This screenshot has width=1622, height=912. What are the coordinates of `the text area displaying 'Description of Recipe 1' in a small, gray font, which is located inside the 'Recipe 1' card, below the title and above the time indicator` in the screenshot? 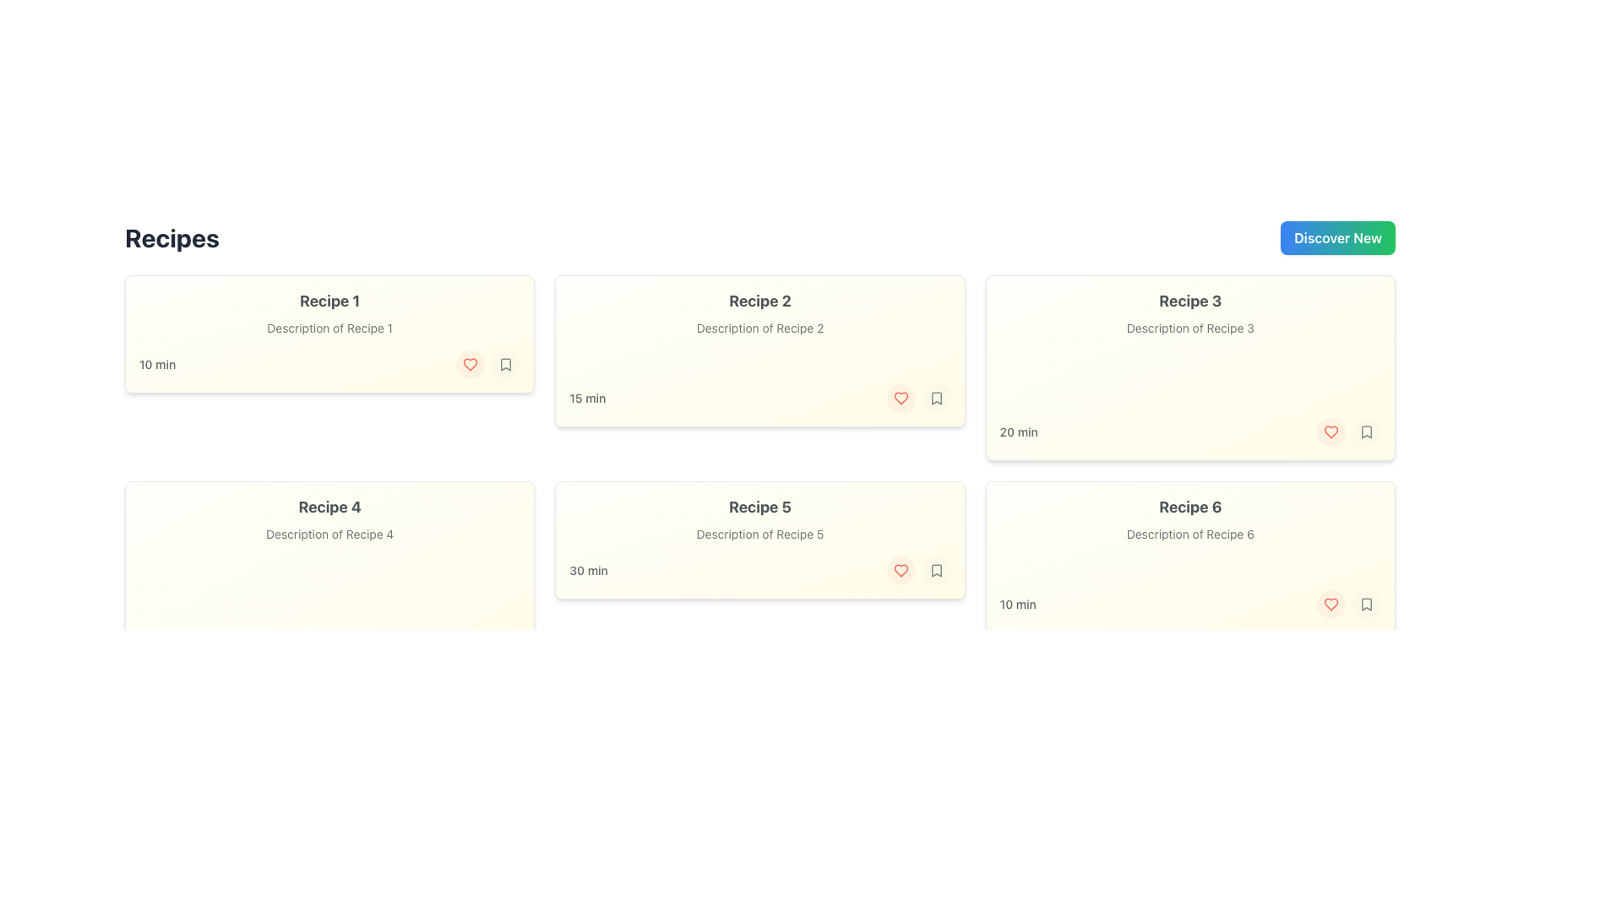 It's located at (329, 328).